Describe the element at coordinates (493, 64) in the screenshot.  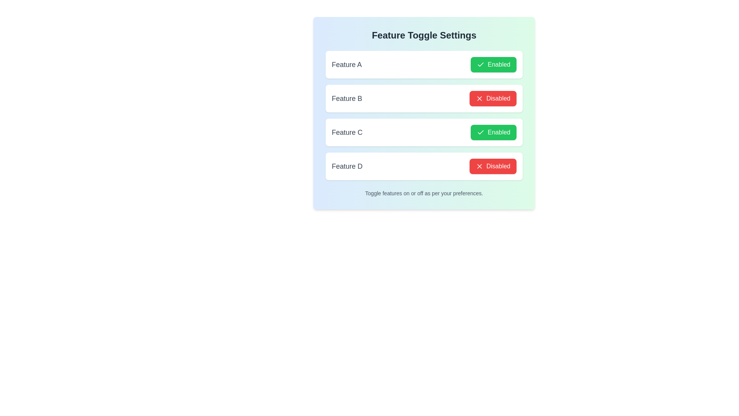
I see `the green button labeled 'Enabled' with a checkmark icon` at that location.